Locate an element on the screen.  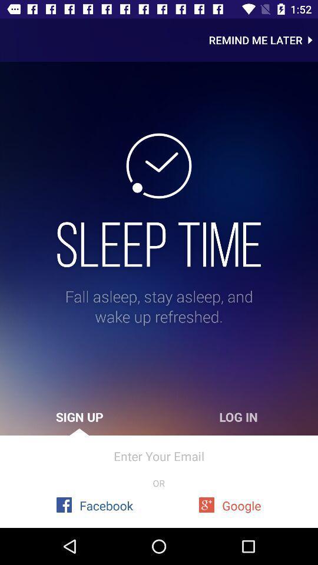
item next to the log in is located at coordinates (79, 417).